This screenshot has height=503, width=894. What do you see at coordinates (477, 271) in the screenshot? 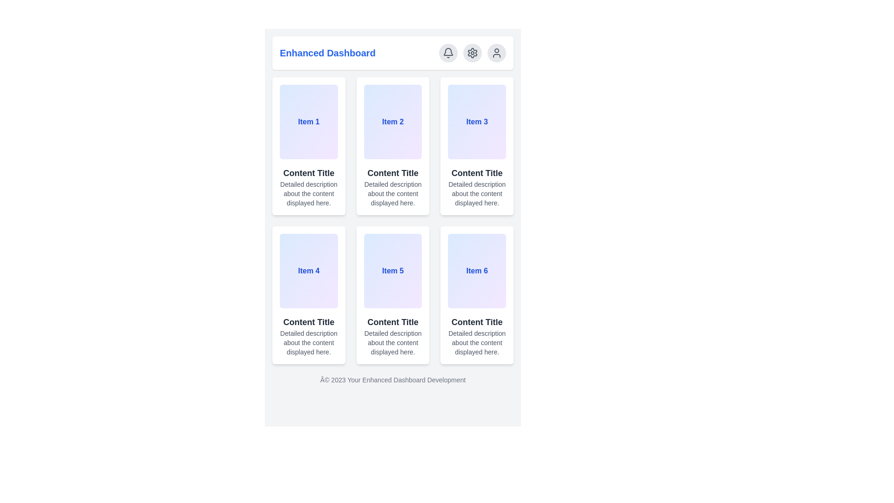
I see `the navigational card for 'Item 6', located` at bounding box center [477, 271].